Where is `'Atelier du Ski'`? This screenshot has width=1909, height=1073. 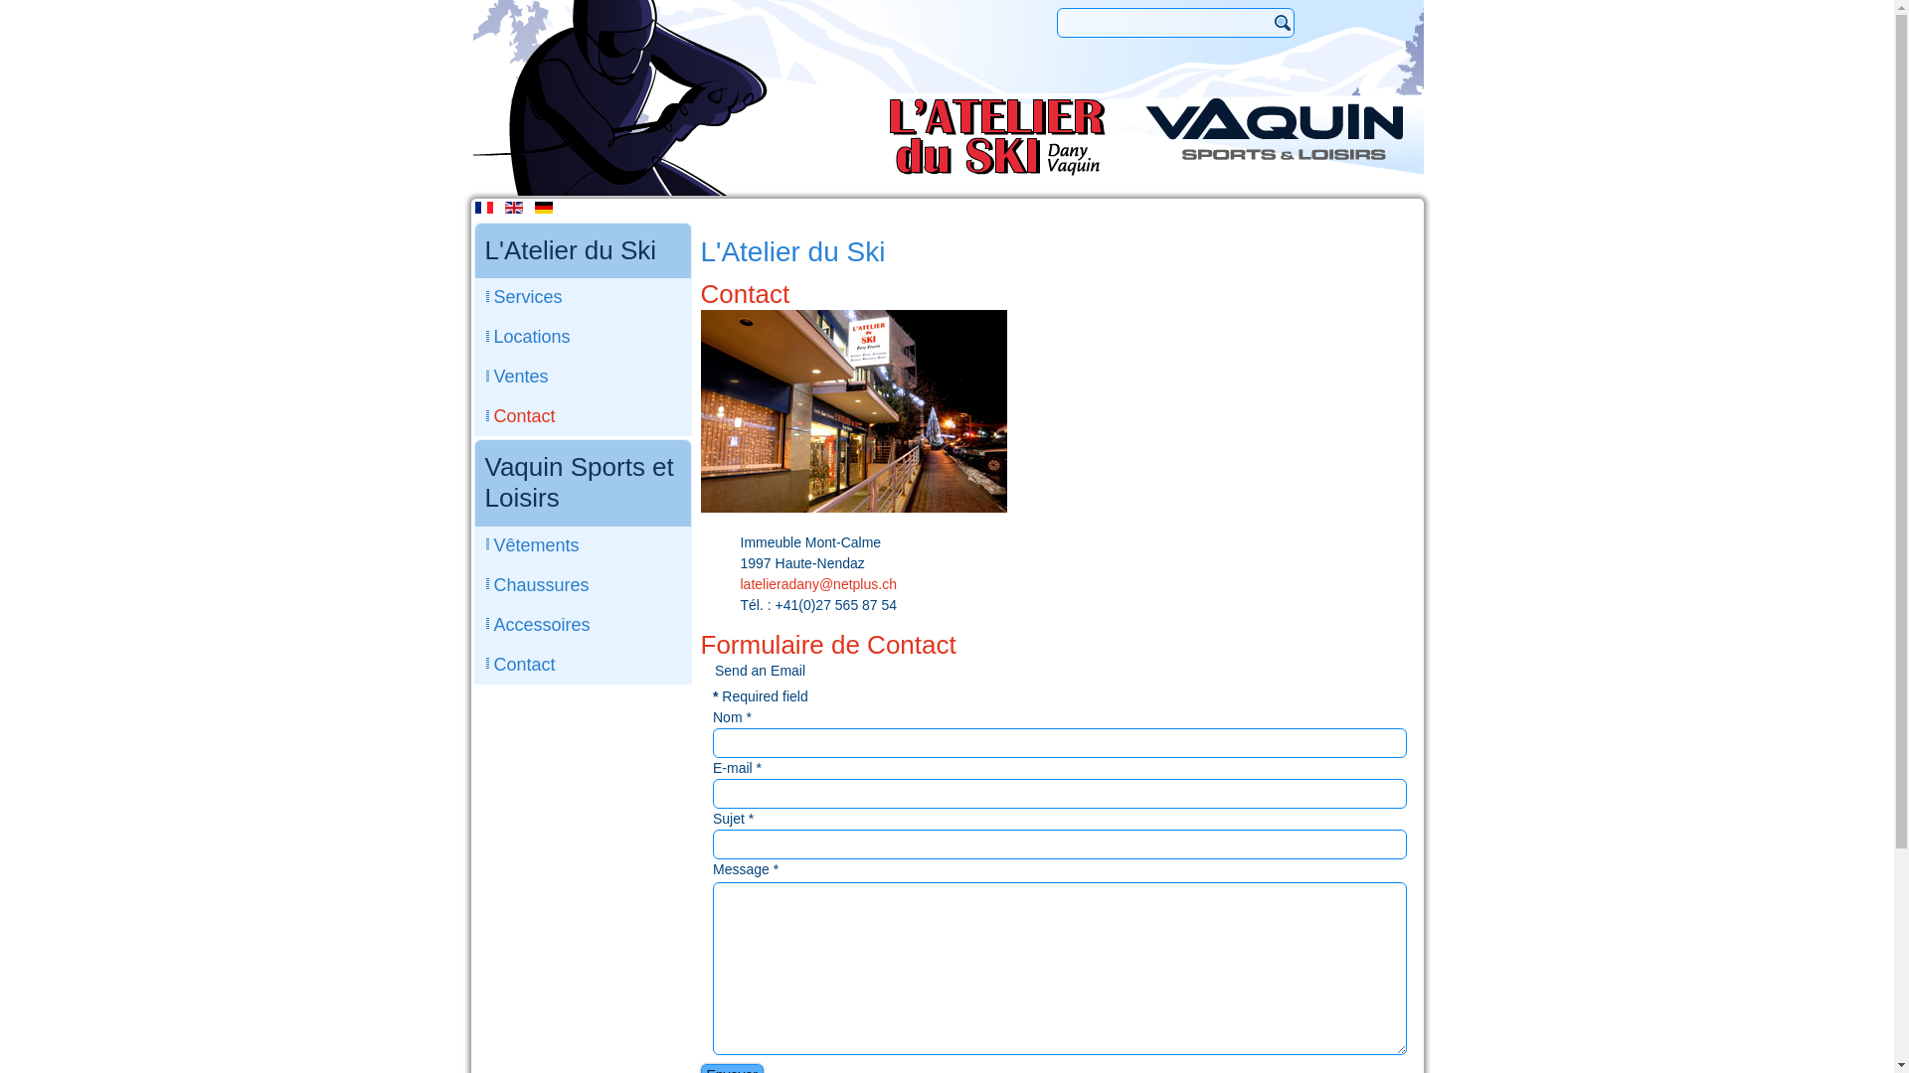 'Atelier du Ski' is located at coordinates (886, 136).